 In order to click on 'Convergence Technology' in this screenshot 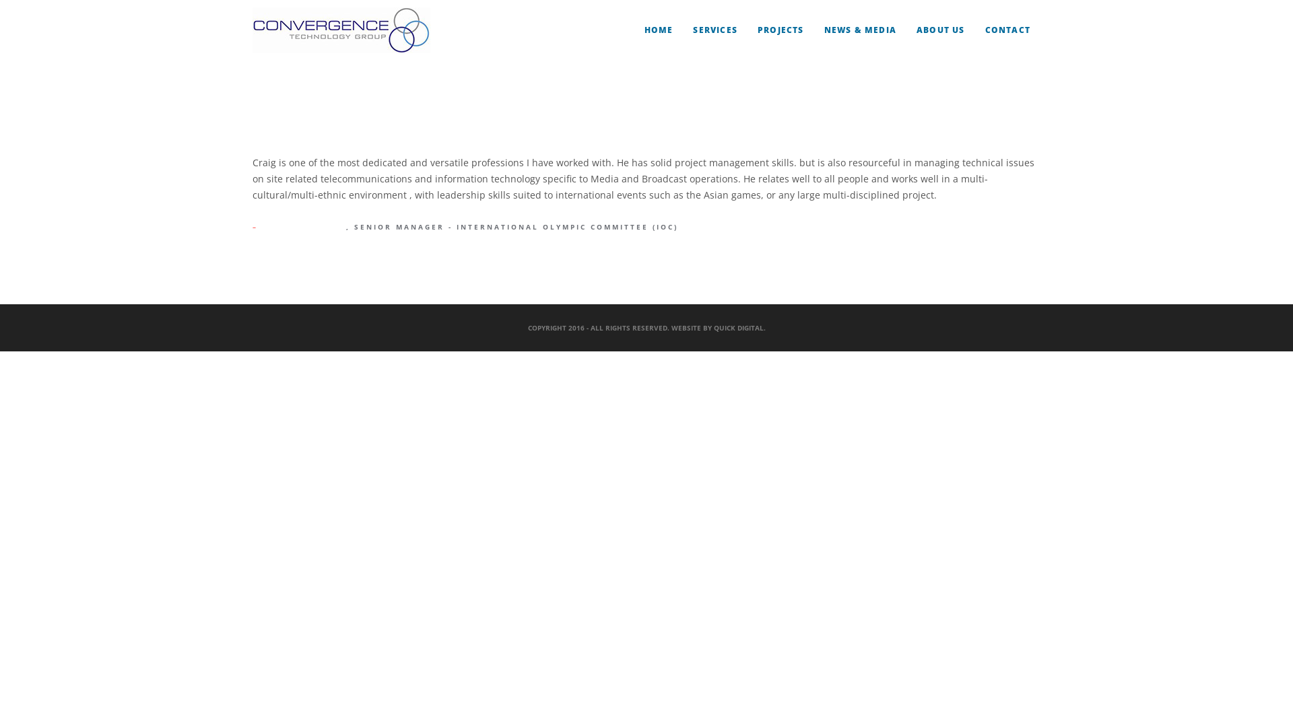, I will do `click(341, 30)`.